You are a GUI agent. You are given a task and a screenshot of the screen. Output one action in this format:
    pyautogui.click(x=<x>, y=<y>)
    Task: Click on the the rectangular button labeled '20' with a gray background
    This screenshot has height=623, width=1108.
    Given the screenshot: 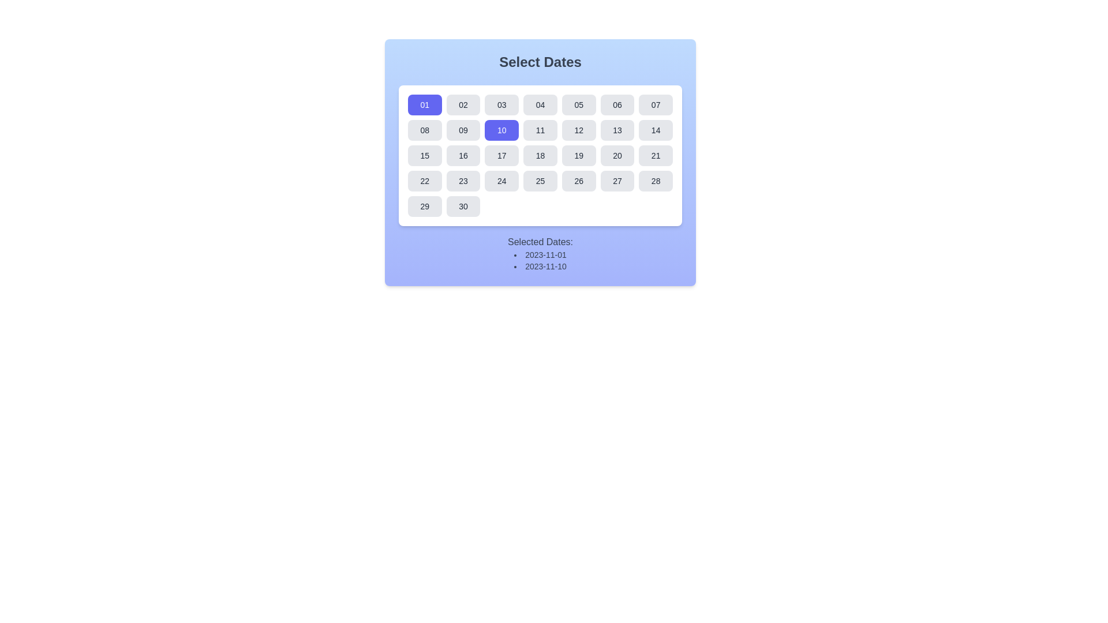 What is the action you would take?
    pyautogui.click(x=617, y=156)
    